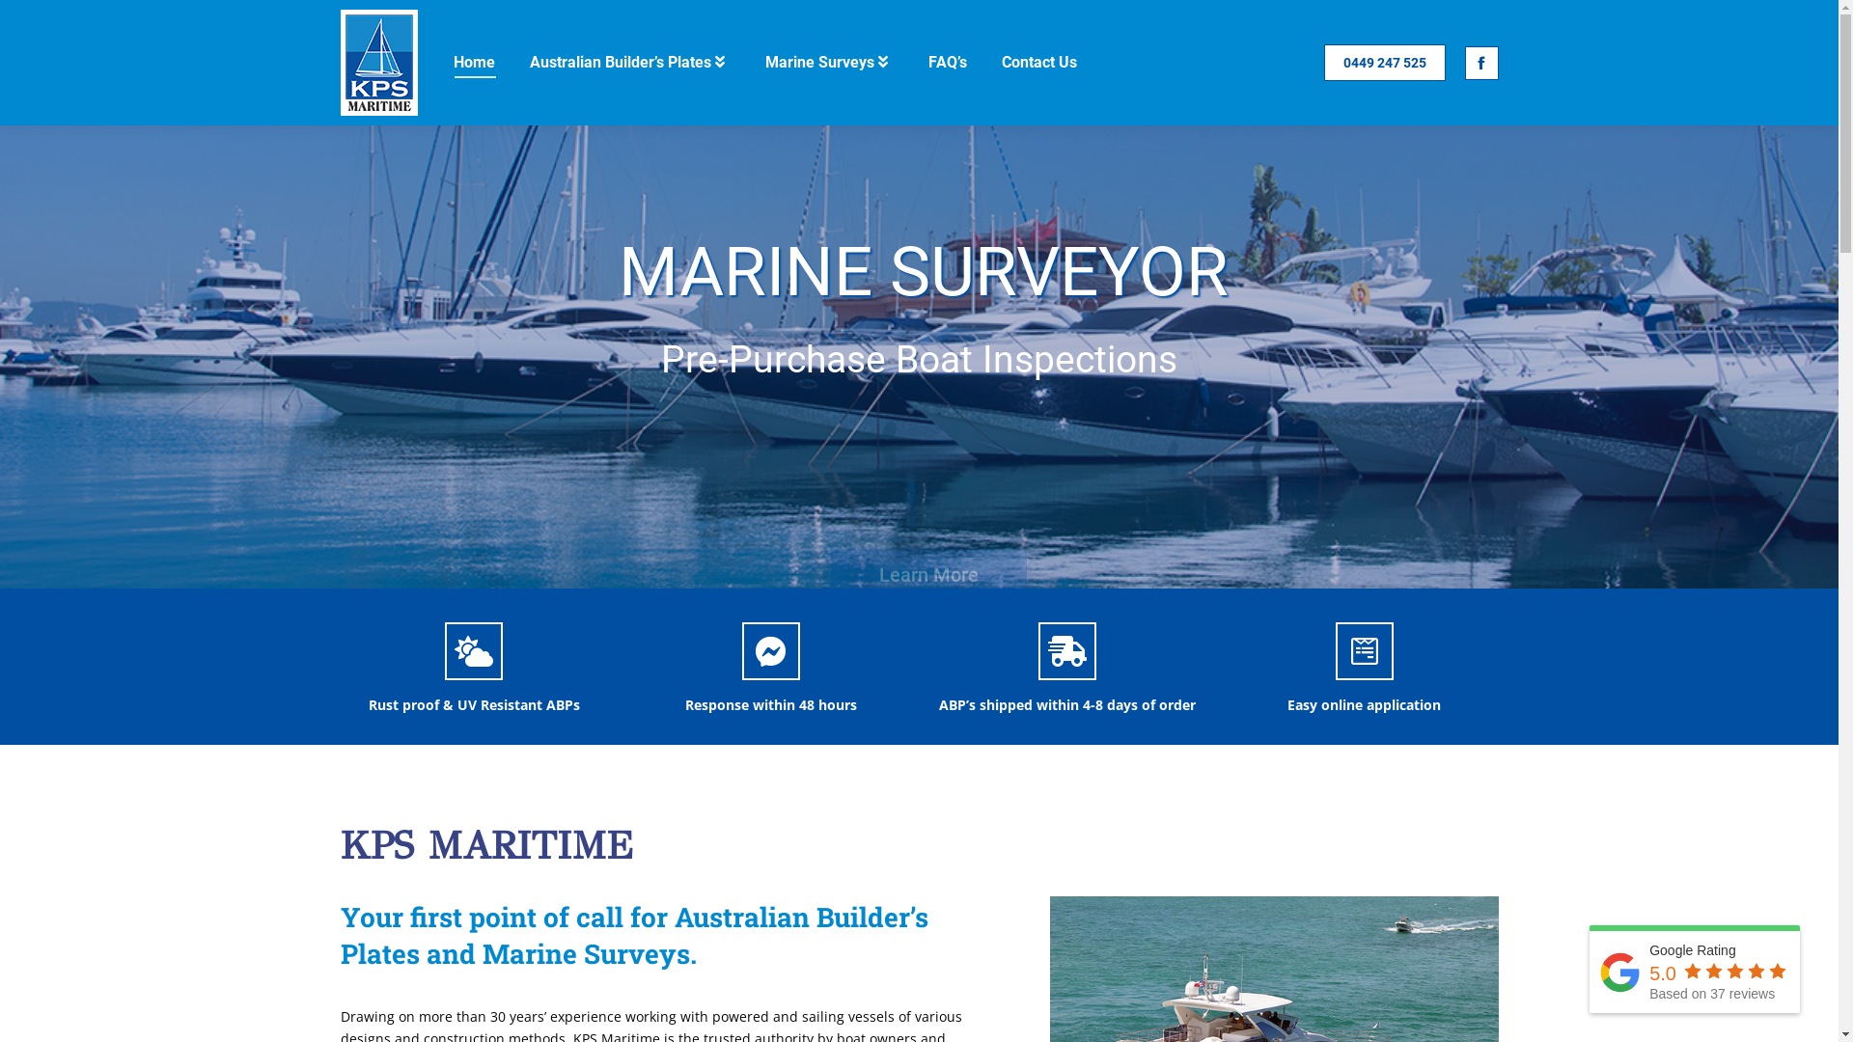 The image size is (1853, 1042). I want to click on '0449 247 525', so click(1384, 62).